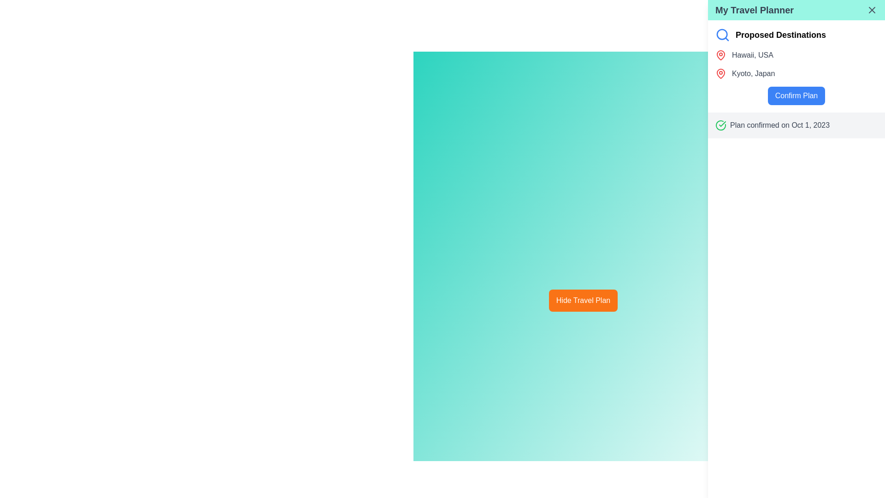 The height and width of the screenshot is (498, 885). What do you see at coordinates (583, 300) in the screenshot?
I see `the button that collapses the travel plan section to observe hover effects` at bounding box center [583, 300].